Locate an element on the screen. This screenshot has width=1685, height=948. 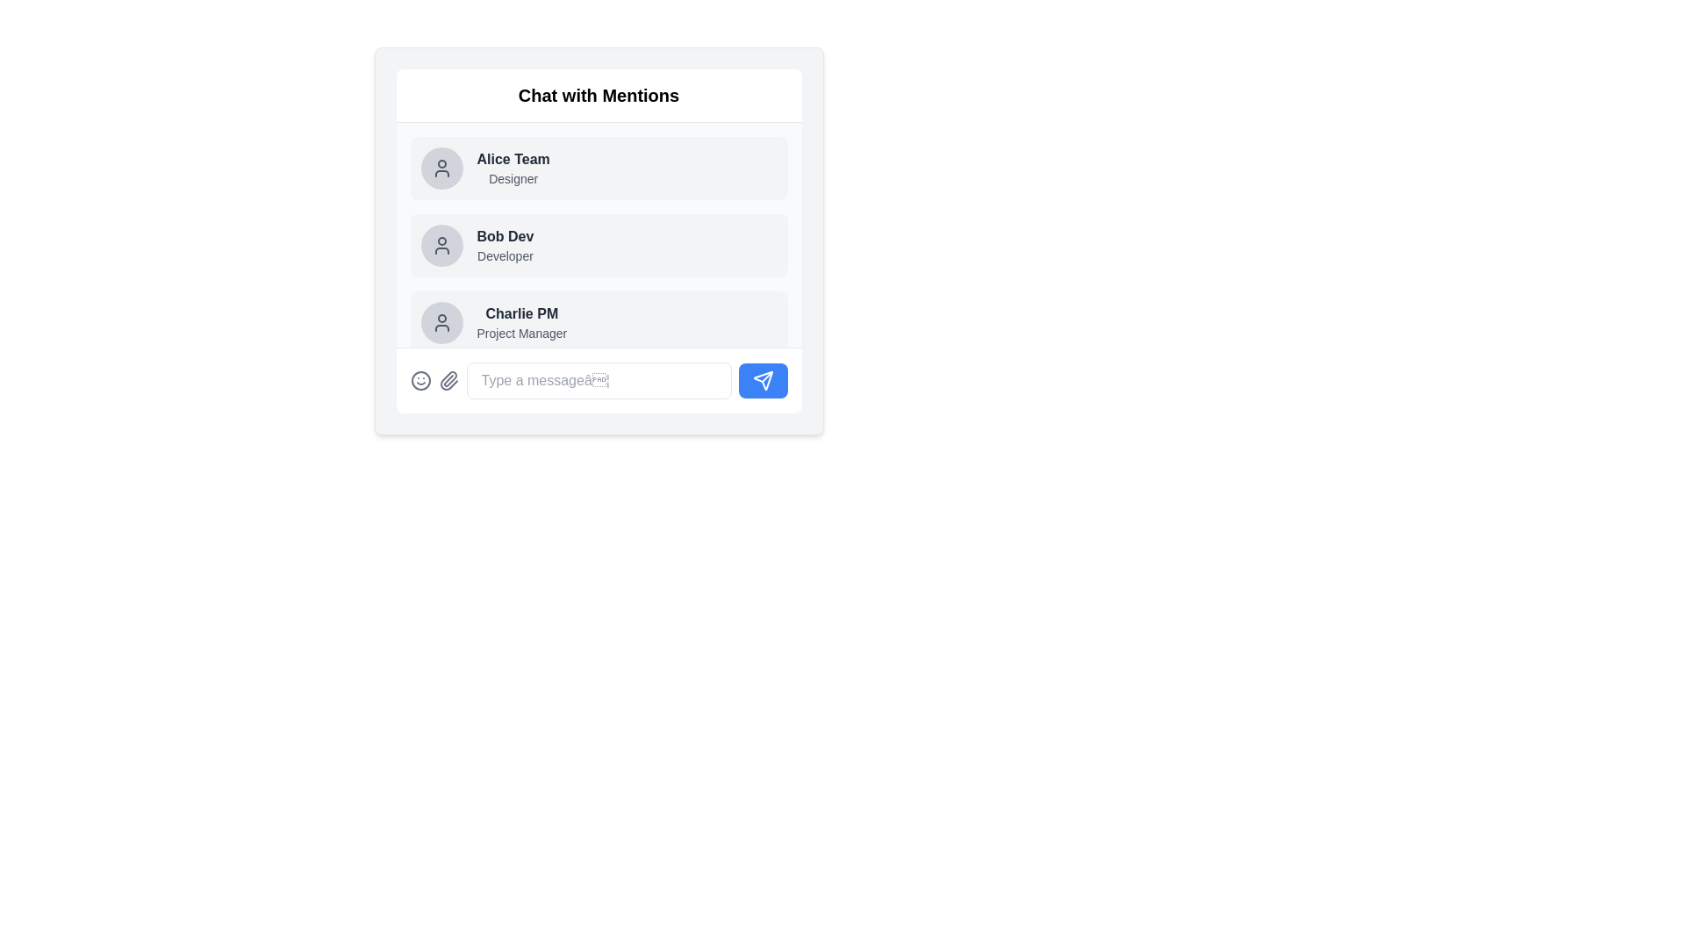
the 'Alice Team' static text label, which identifies the primary designation in the list of contacts, positioned above the 'Designer' text is located at coordinates (513, 159).